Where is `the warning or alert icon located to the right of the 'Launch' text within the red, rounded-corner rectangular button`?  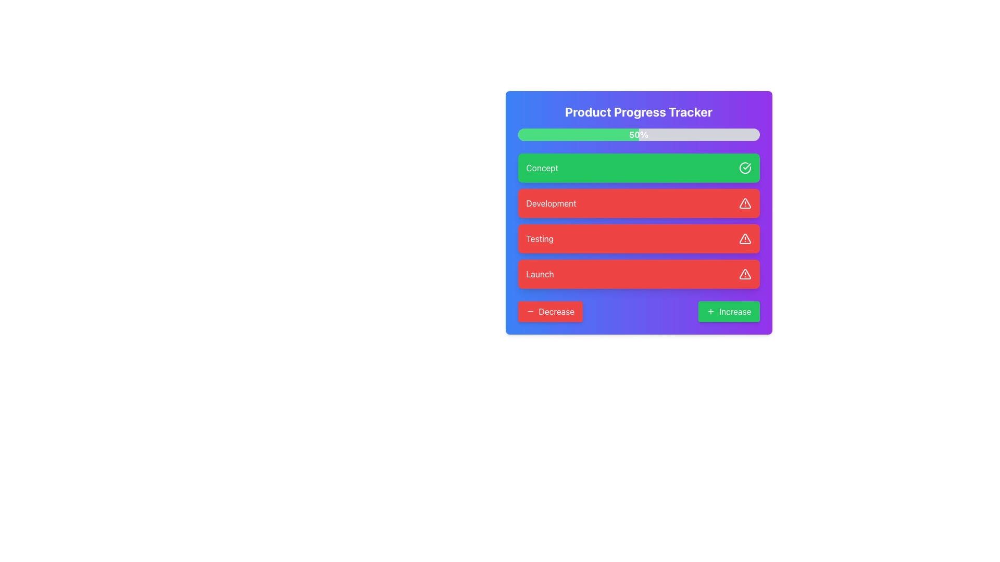
the warning or alert icon located to the right of the 'Launch' text within the red, rounded-corner rectangular button is located at coordinates (744, 274).